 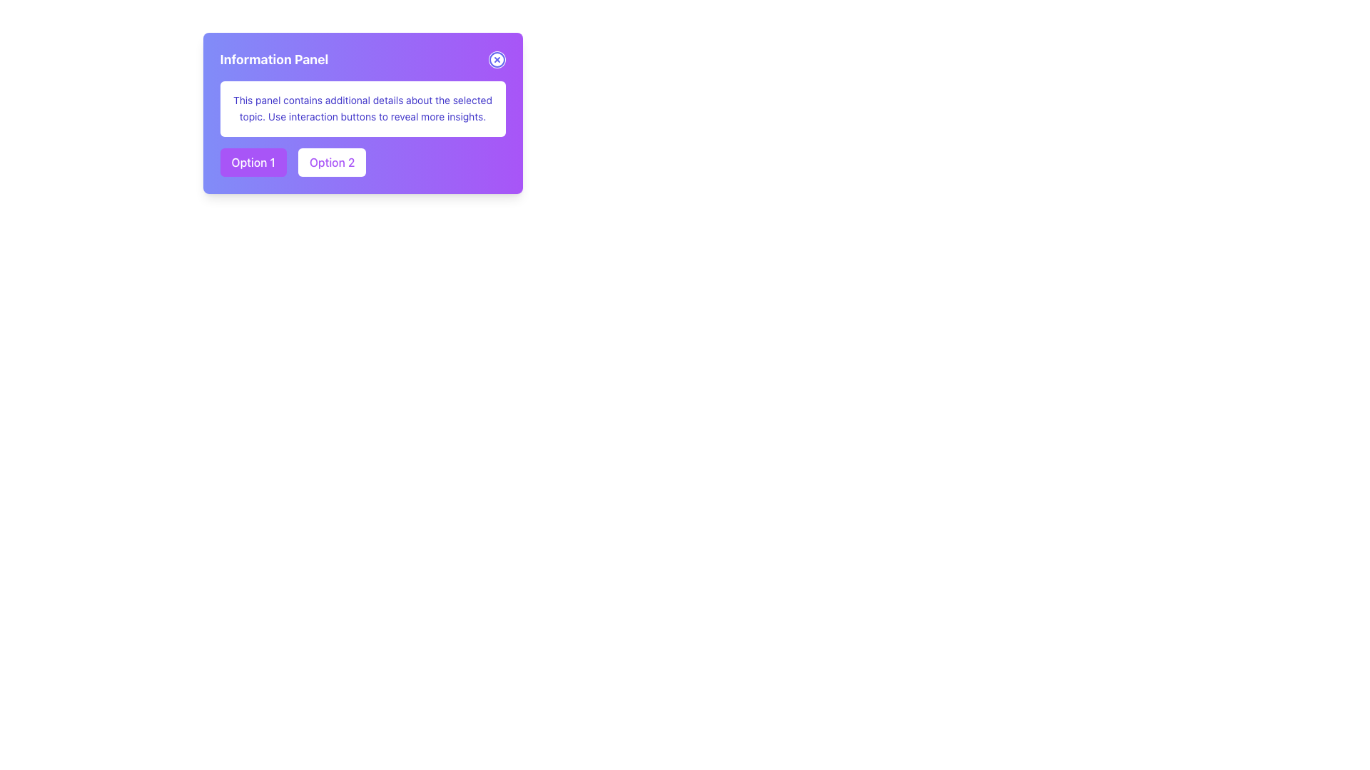 I want to click on text that says 'This panel contains additional details about the selected topic. Use interaction buttons to reveal more insights.' which is located in the center of the information panel beneath the header 'Information Panel', so click(x=362, y=108).